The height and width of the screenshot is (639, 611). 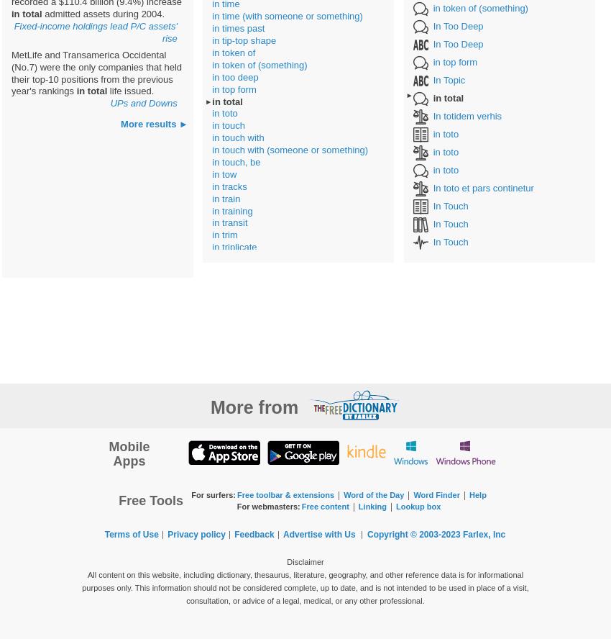 I want to click on 'Lookup box', so click(x=418, y=507).